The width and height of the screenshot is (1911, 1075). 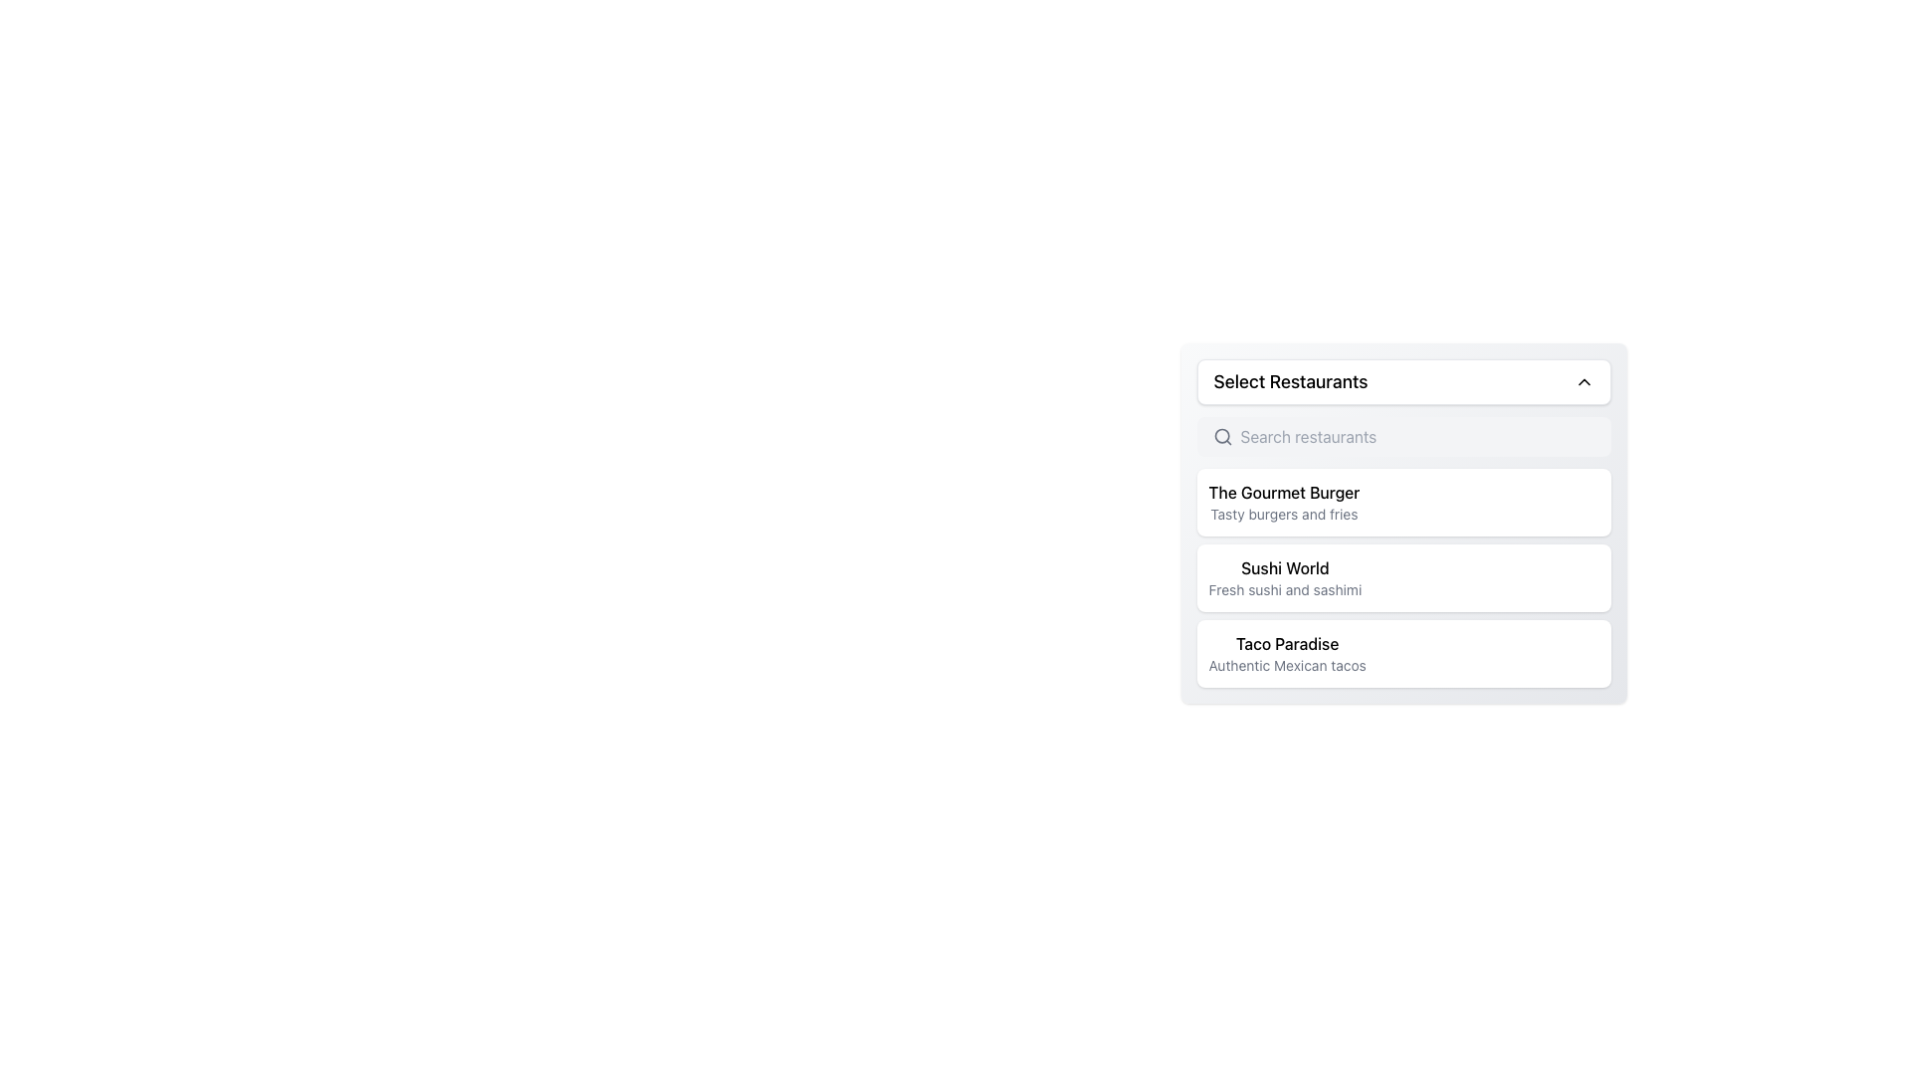 What do you see at coordinates (1285, 567) in the screenshot?
I see `the bold text label stating 'Sushi World' located at the top of its containing card, positioned between 'The Gourmet Burger' and 'Taco Paradise'` at bounding box center [1285, 567].